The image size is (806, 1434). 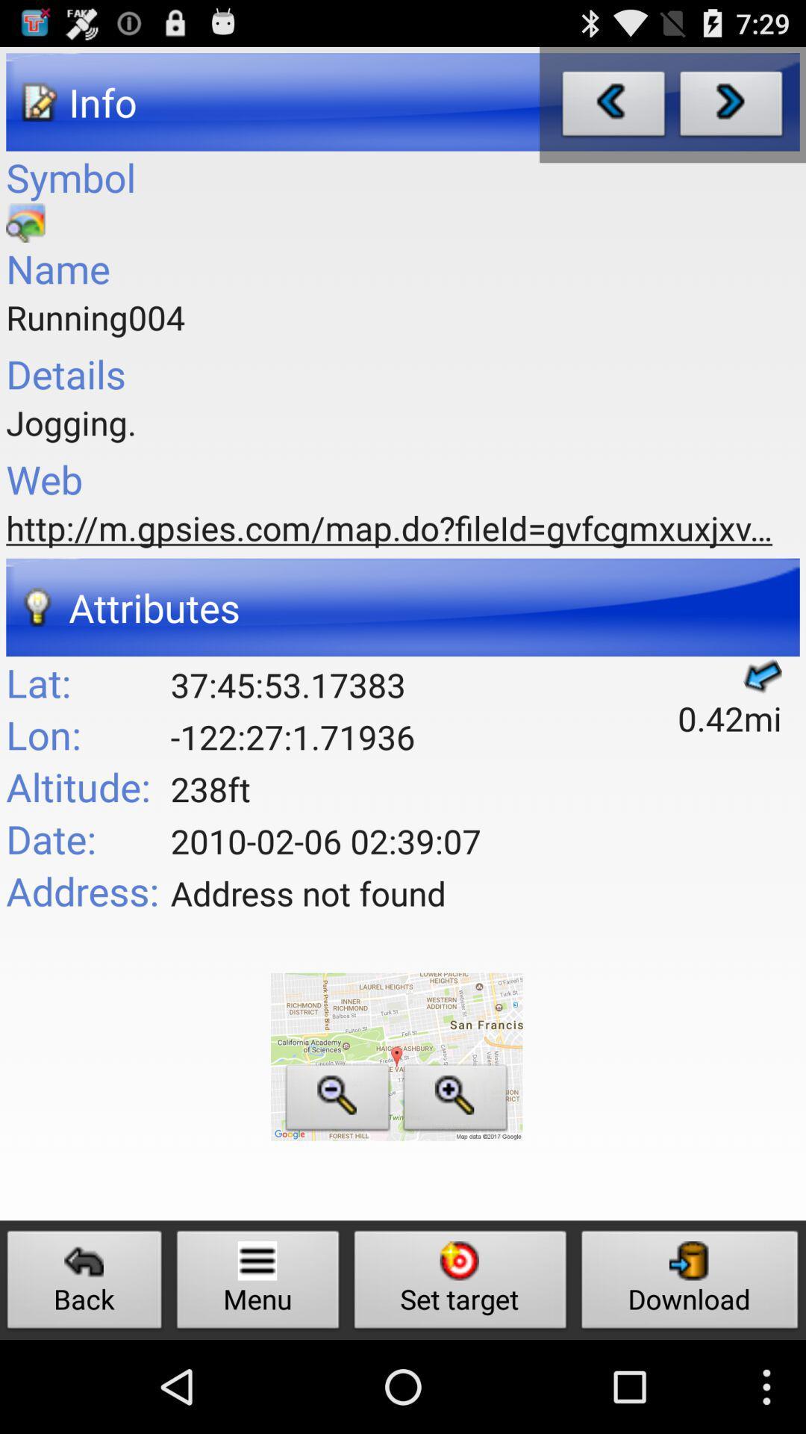 What do you see at coordinates (337, 1102) in the screenshot?
I see `zoom out map` at bounding box center [337, 1102].